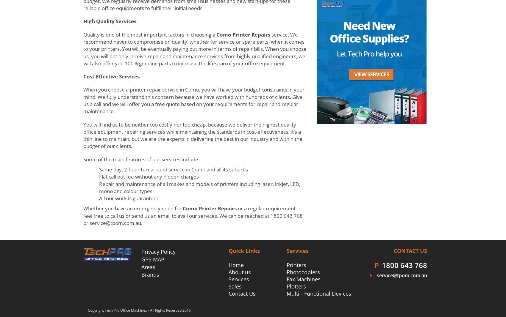 Image resolution: width=506 pixels, height=317 pixels. What do you see at coordinates (193, 135) in the screenshot?
I see `'You will find us to be neither too costly nor too cheap, because we deliver the highest quality office equipment repairing services while maintaining the standards in cost-effectiveness. It’s a thin line to maintain, but we are the experts in delivering the best in our industry and within the budget of our clients.'` at bounding box center [193, 135].